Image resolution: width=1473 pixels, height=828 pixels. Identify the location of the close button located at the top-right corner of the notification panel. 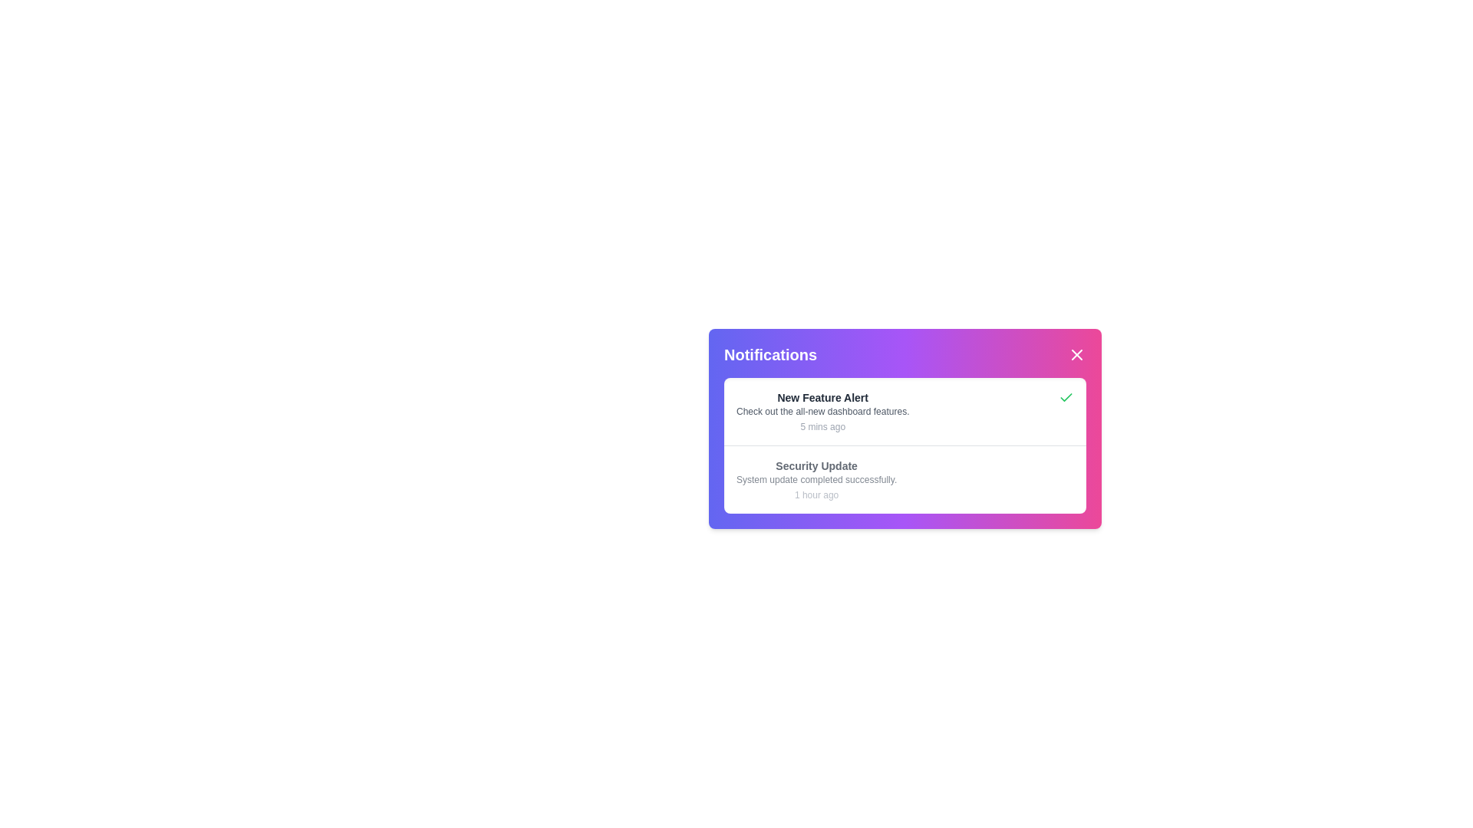
(1076, 354).